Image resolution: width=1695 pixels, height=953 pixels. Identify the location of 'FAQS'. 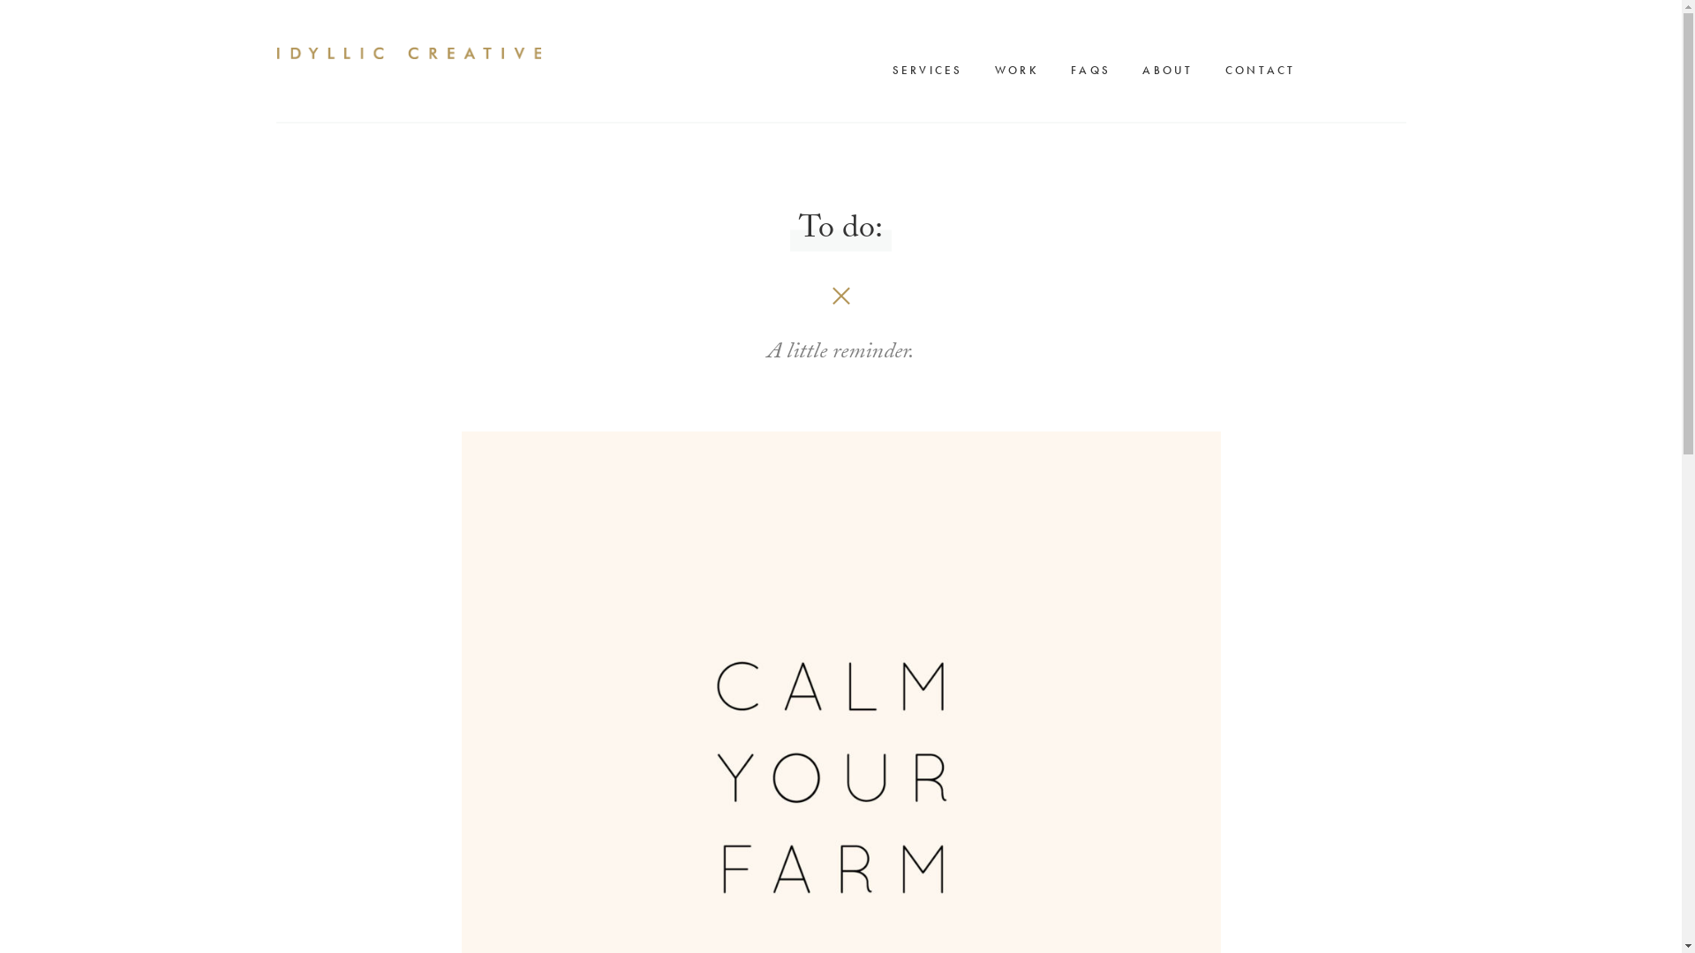
(1094, 69).